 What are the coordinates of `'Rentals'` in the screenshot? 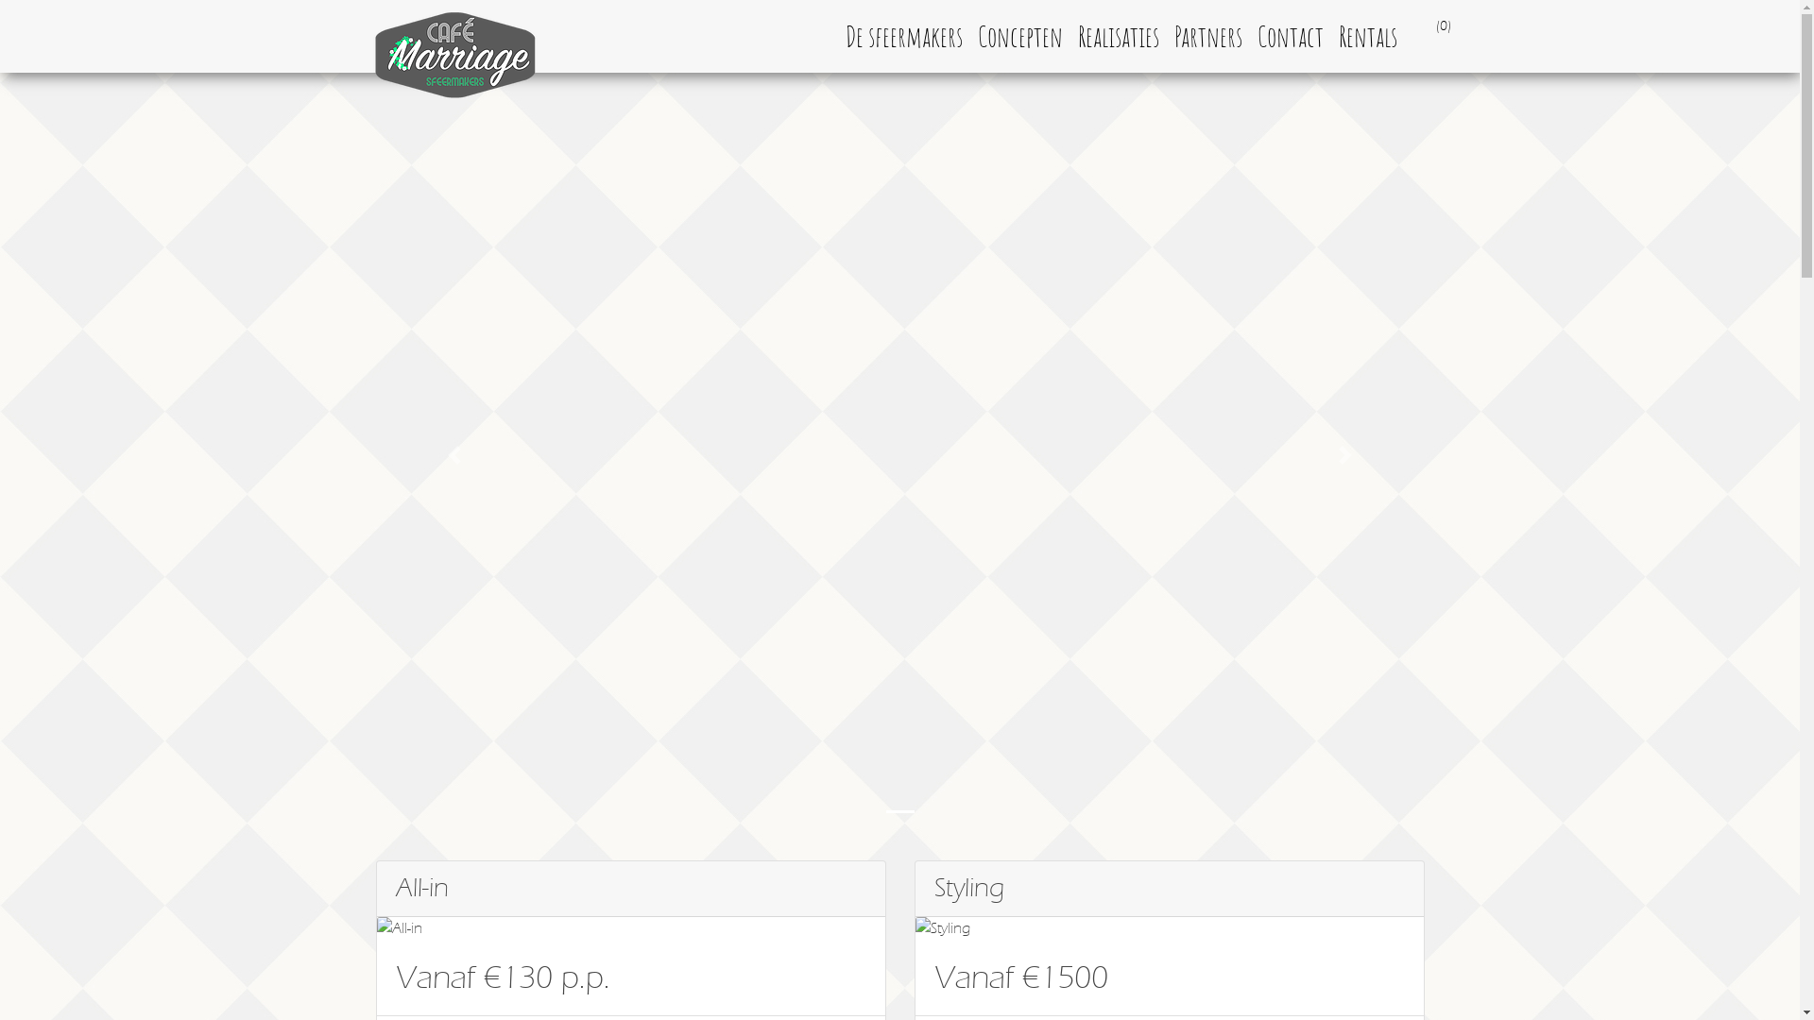 It's located at (1328, 36).